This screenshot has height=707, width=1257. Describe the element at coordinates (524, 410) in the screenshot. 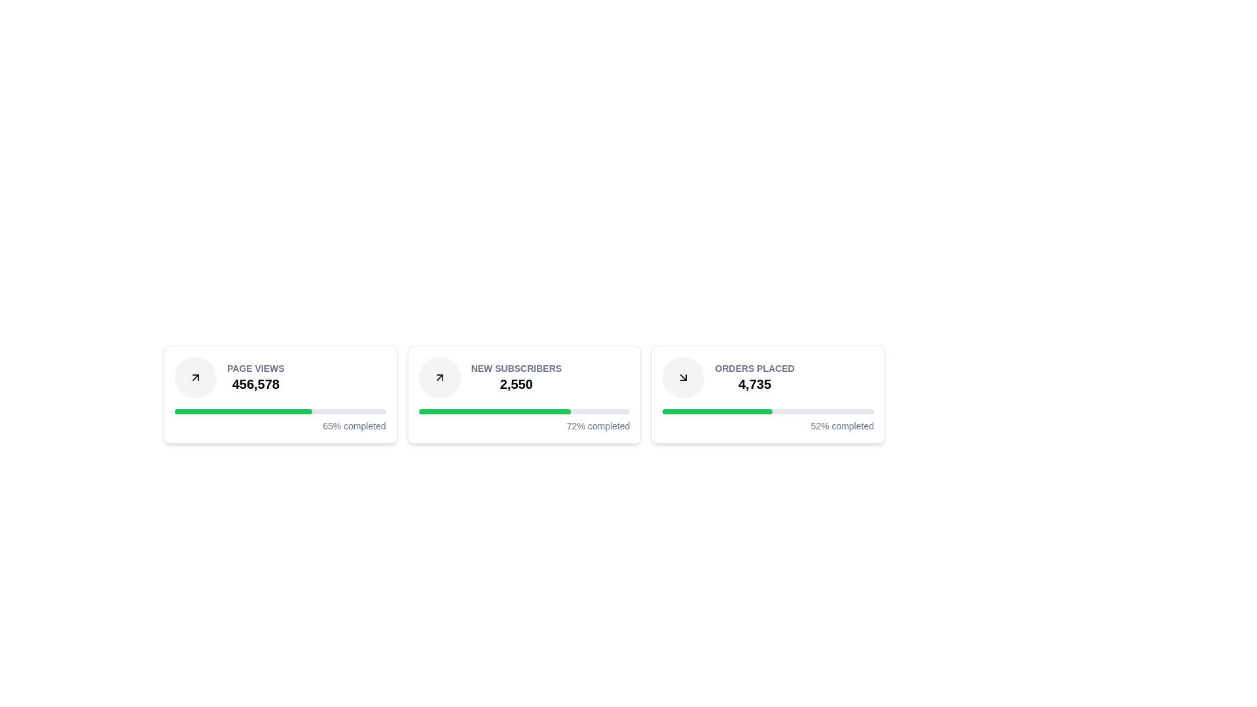

I see `the current progress value visually by checking the progress bar located in the central panel under the heading 'NEW SUBSCRIBERS', which shows 72% completion` at that location.